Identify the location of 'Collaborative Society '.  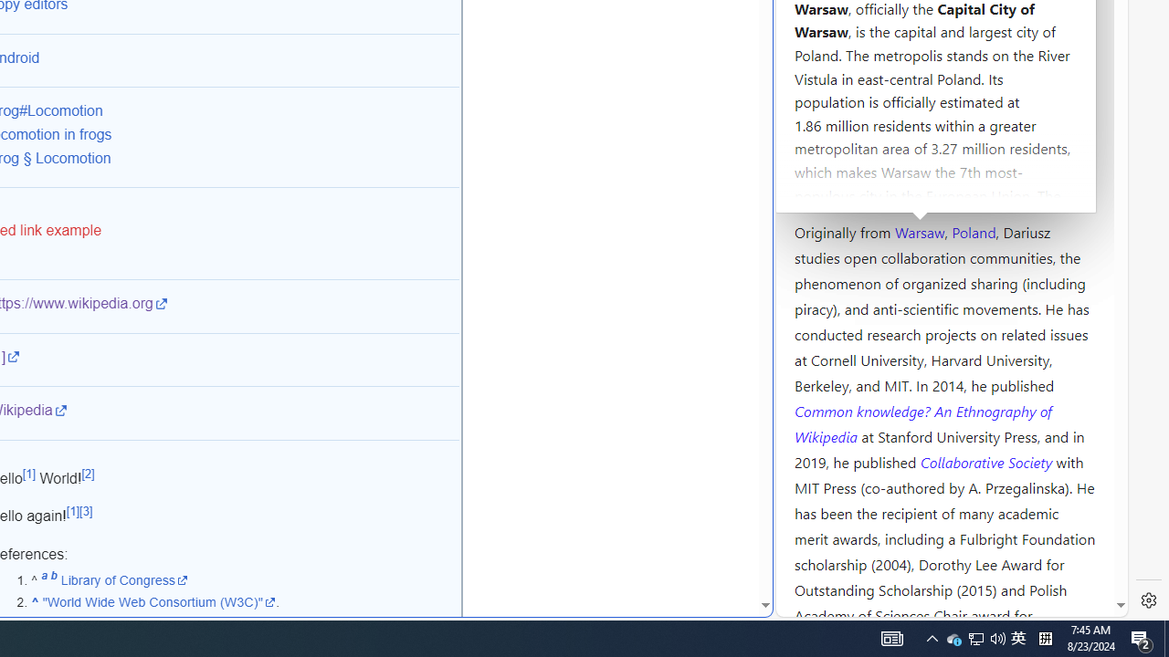
(987, 460).